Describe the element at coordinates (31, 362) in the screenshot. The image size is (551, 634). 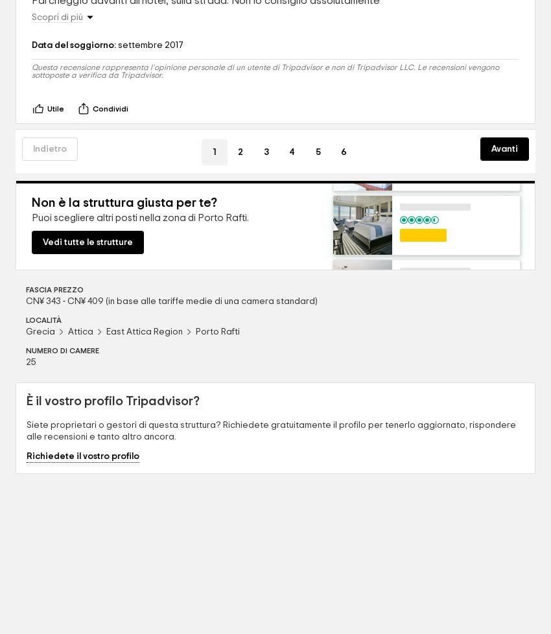
I see `'25'` at that location.